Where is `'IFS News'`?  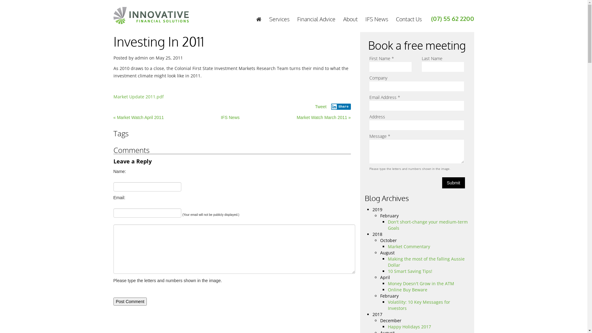
'IFS News' is located at coordinates (376, 18).